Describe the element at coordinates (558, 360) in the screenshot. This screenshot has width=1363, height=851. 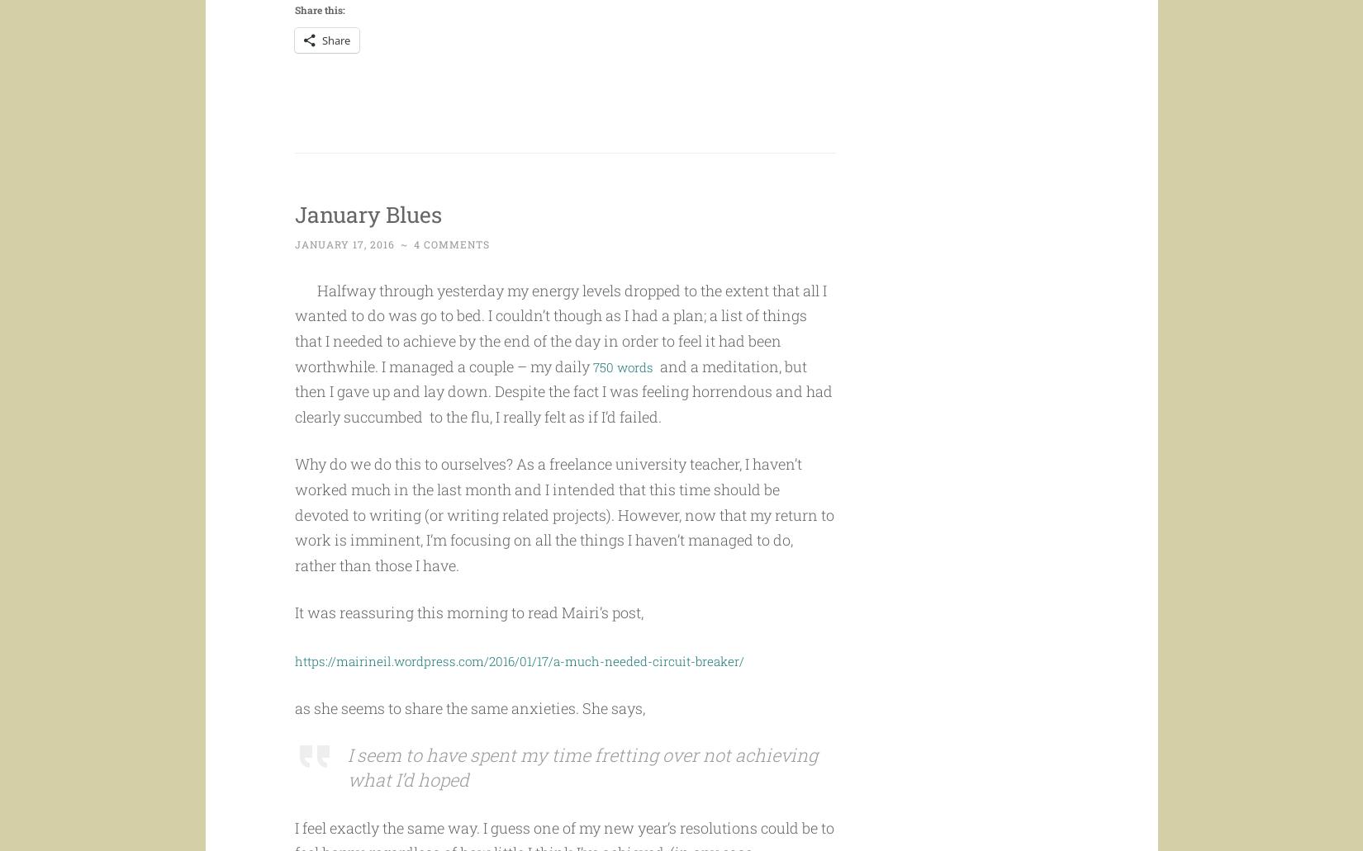
I see `'Halfway through yesterday my energy levels dropped to the extent that all I wanted to do was go to bed. I couldn’t though as I had a plan; a list of things that I needed to achieve by the end of the day in order to feel it had been worthwhile. I managed a couple – my daily'` at that location.